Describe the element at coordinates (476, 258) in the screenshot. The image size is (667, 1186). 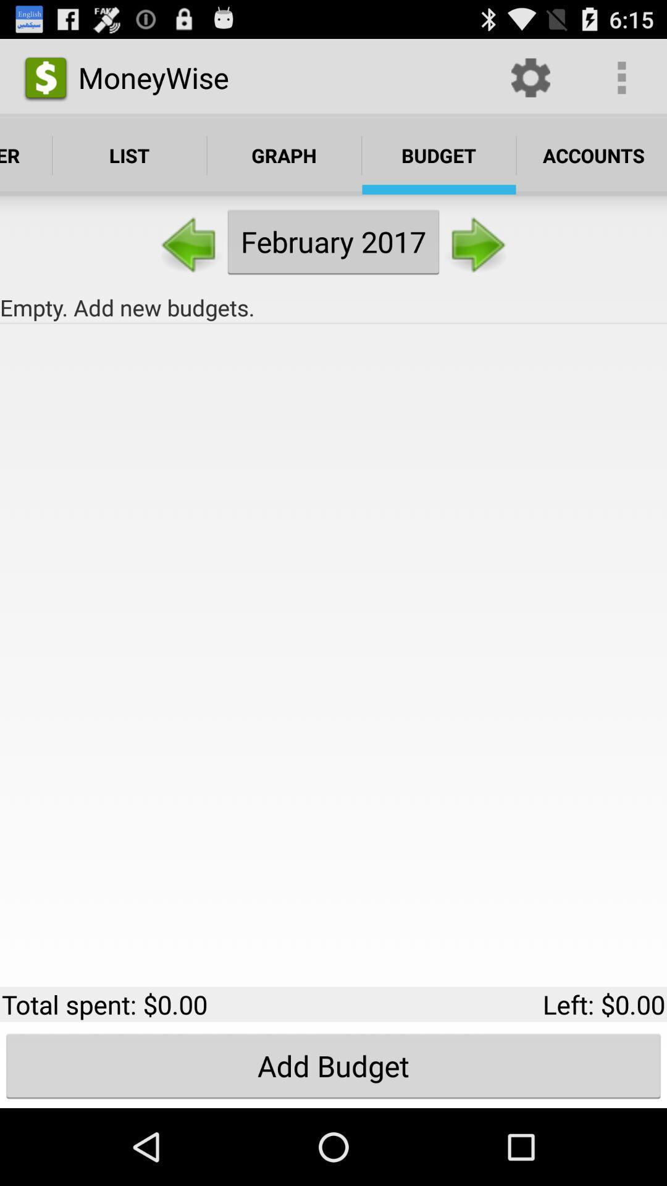
I see `the arrow_forward icon` at that location.